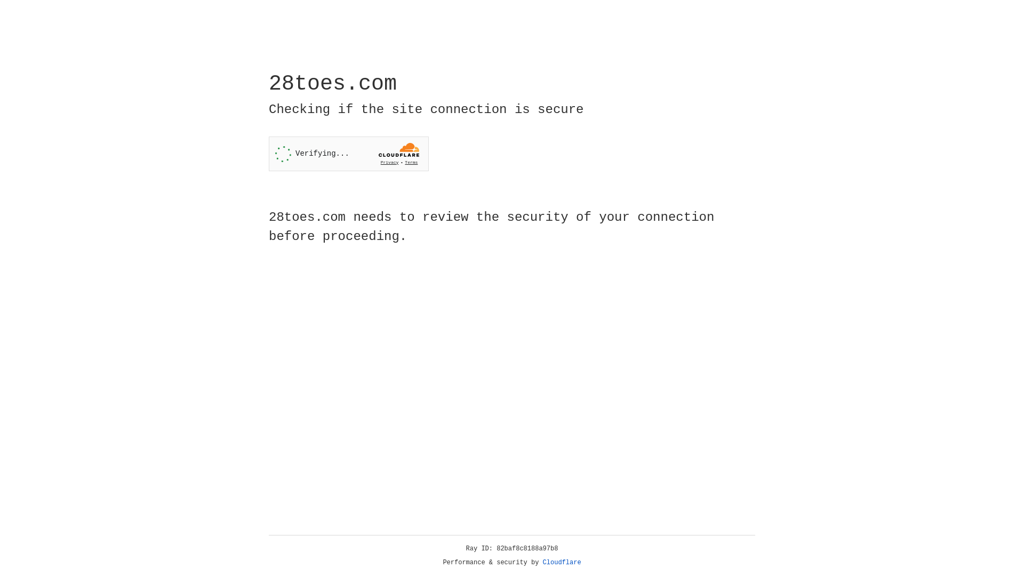 Image resolution: width=1024 pixels, height=576 pixels. I want to click on 'Cloudflare', so click(562, 562).